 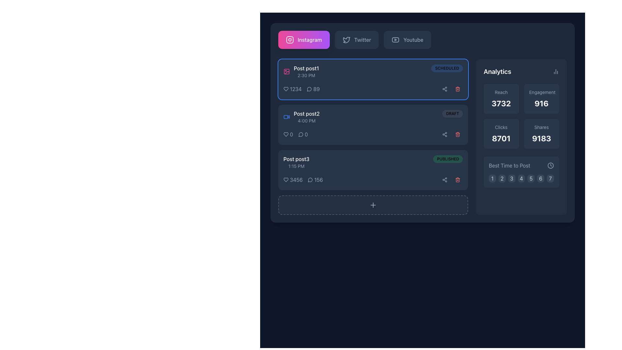 I want to click on the heart icon to like the post, which is the first icon in the icon-count row located under the first post entry, so click(x=286, y=180).